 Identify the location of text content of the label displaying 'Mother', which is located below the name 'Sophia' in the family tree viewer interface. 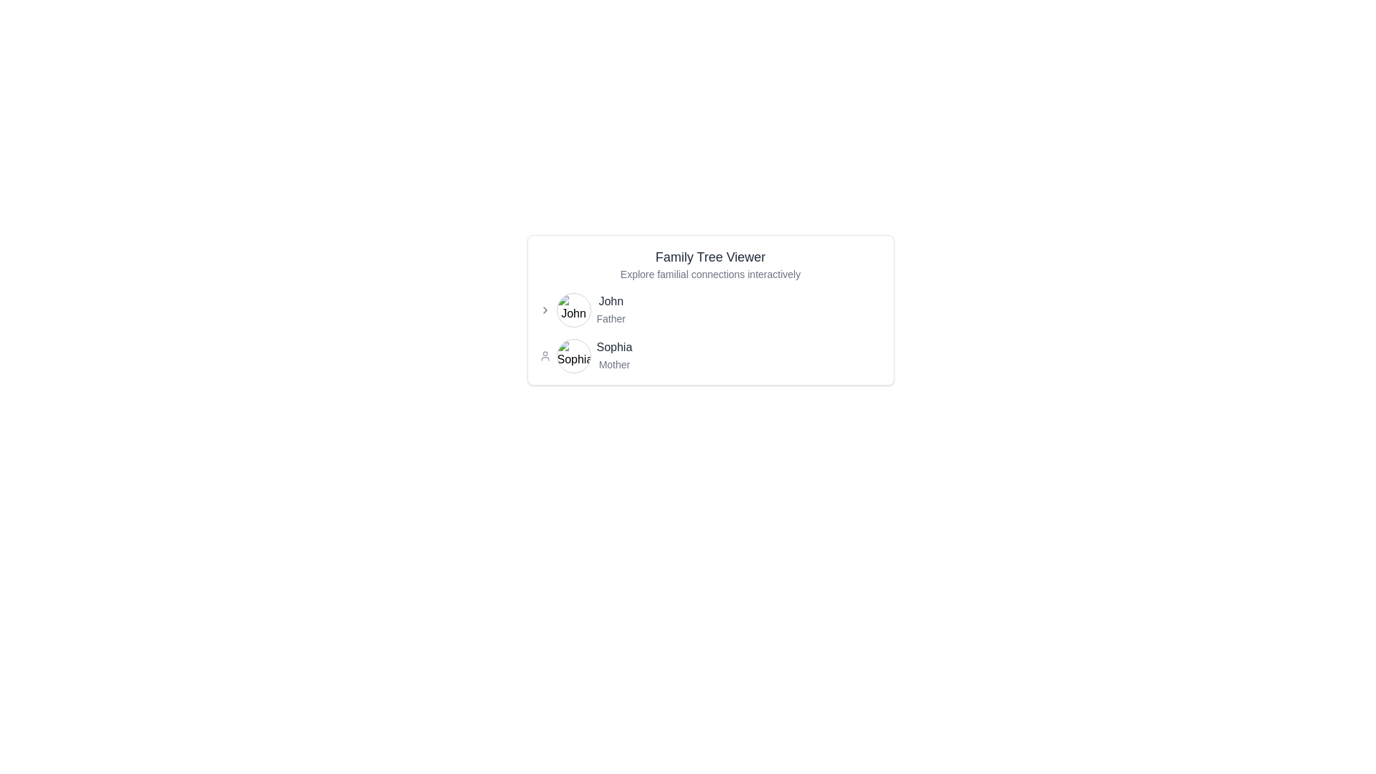
(614, 364).